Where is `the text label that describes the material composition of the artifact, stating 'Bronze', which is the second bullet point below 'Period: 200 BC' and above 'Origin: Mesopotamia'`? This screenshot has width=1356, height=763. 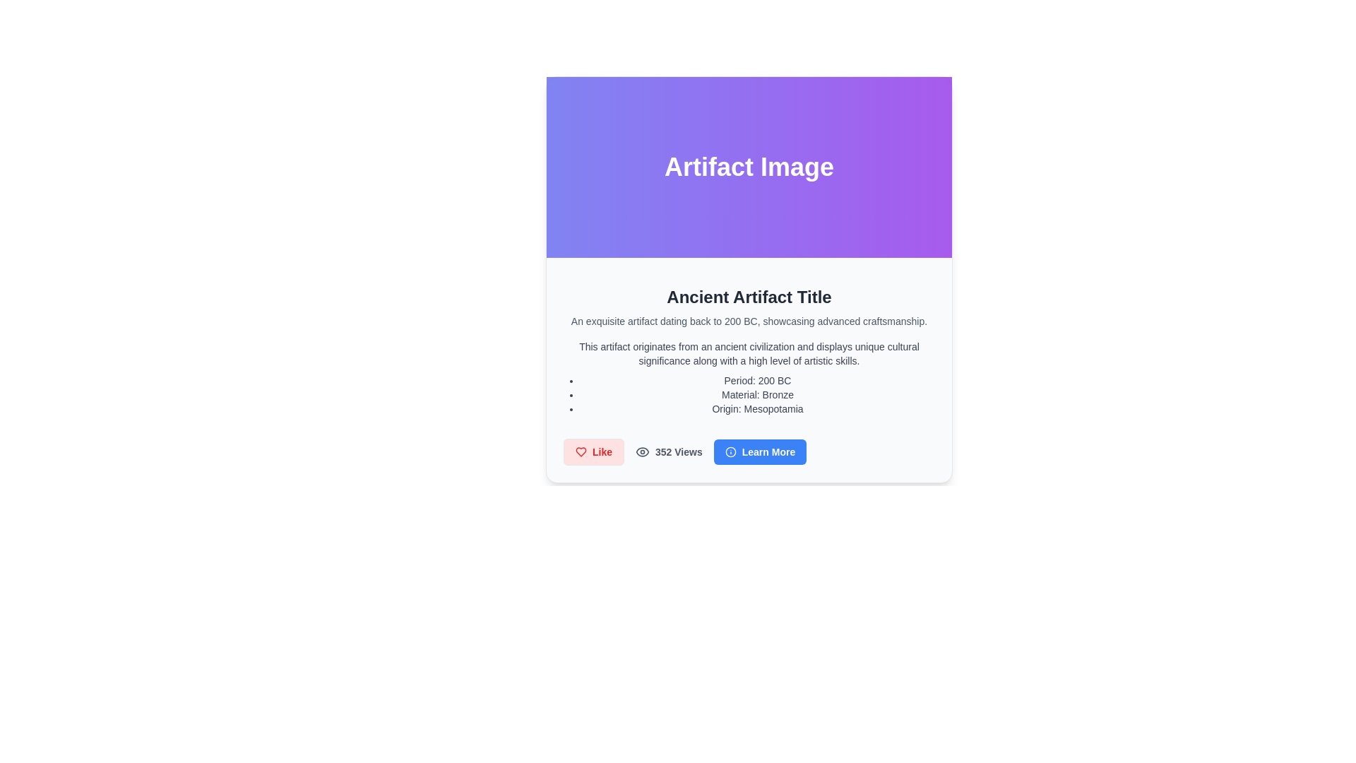
the text label that describes the material composition of the artifact, stating 'Bronze', which is the second bullet point below 'Period: 200 BC' and above 'Origin: Mesopotamia' is located at coordinates (757, 395).